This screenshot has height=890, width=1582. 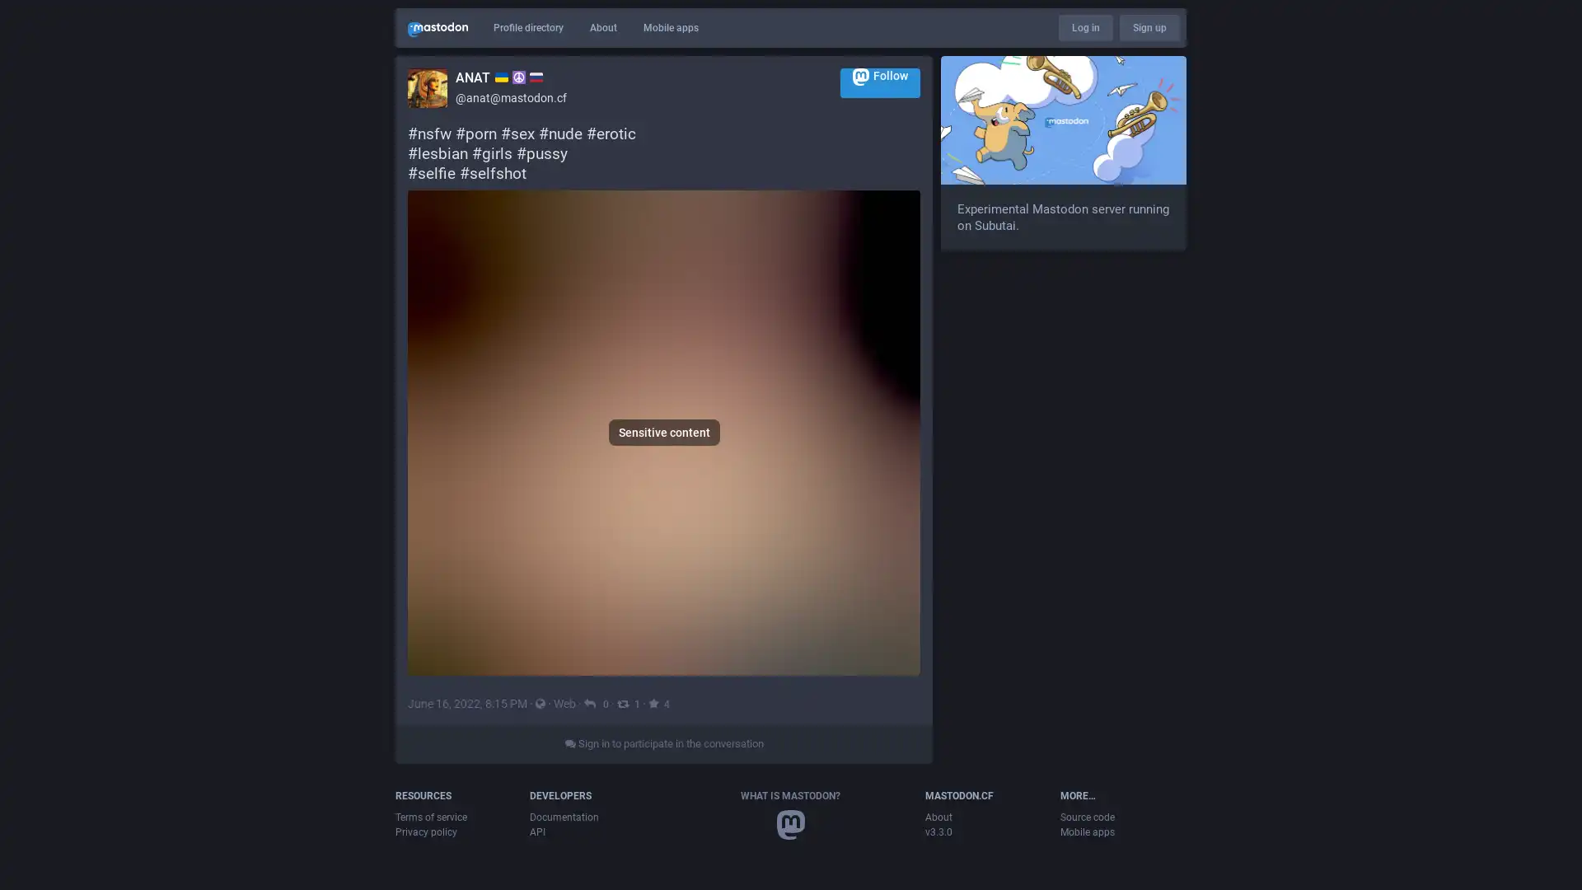 What do you see at coordinates (664, 531) in the screenshot?
I see `Sensitive content` at bounding box center [664, 531].